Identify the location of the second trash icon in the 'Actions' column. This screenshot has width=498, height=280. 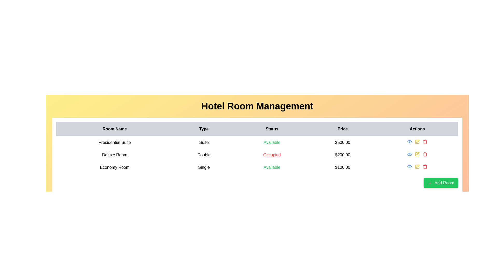
(425, 154).